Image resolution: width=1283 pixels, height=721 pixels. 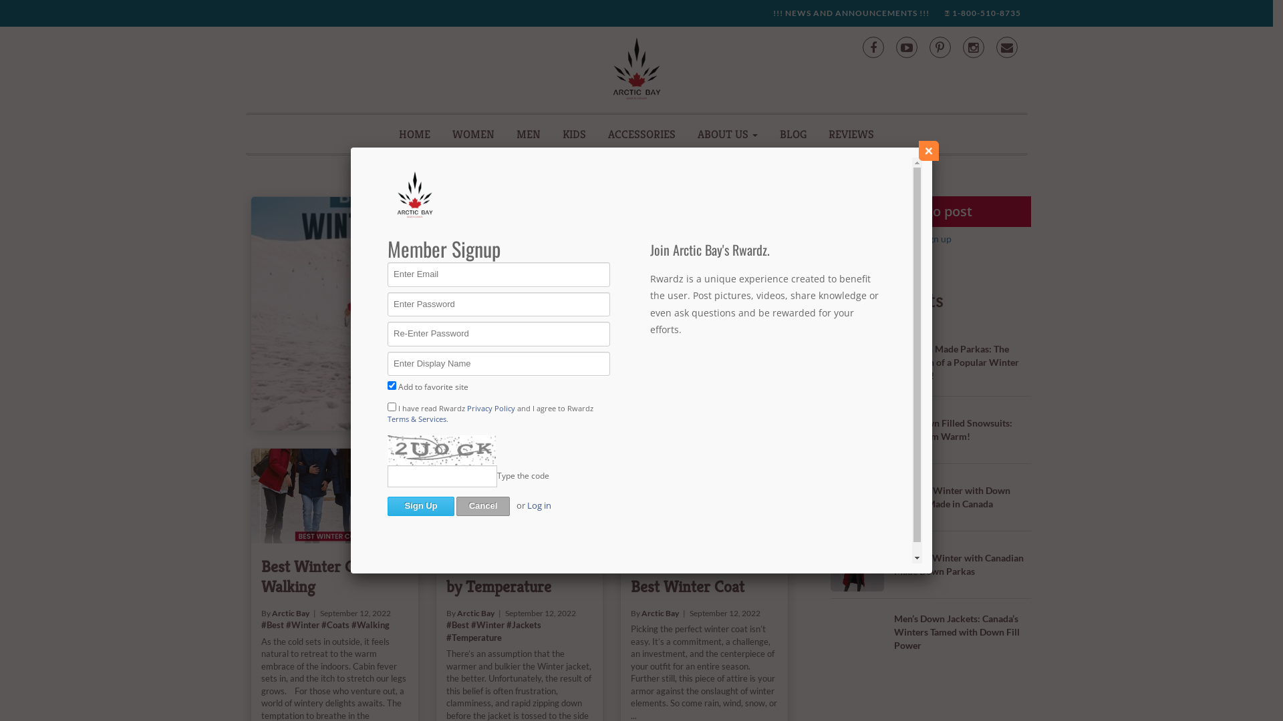 I want to click on 'Arctic Bay on Facebook', so click(x=872, y=46).